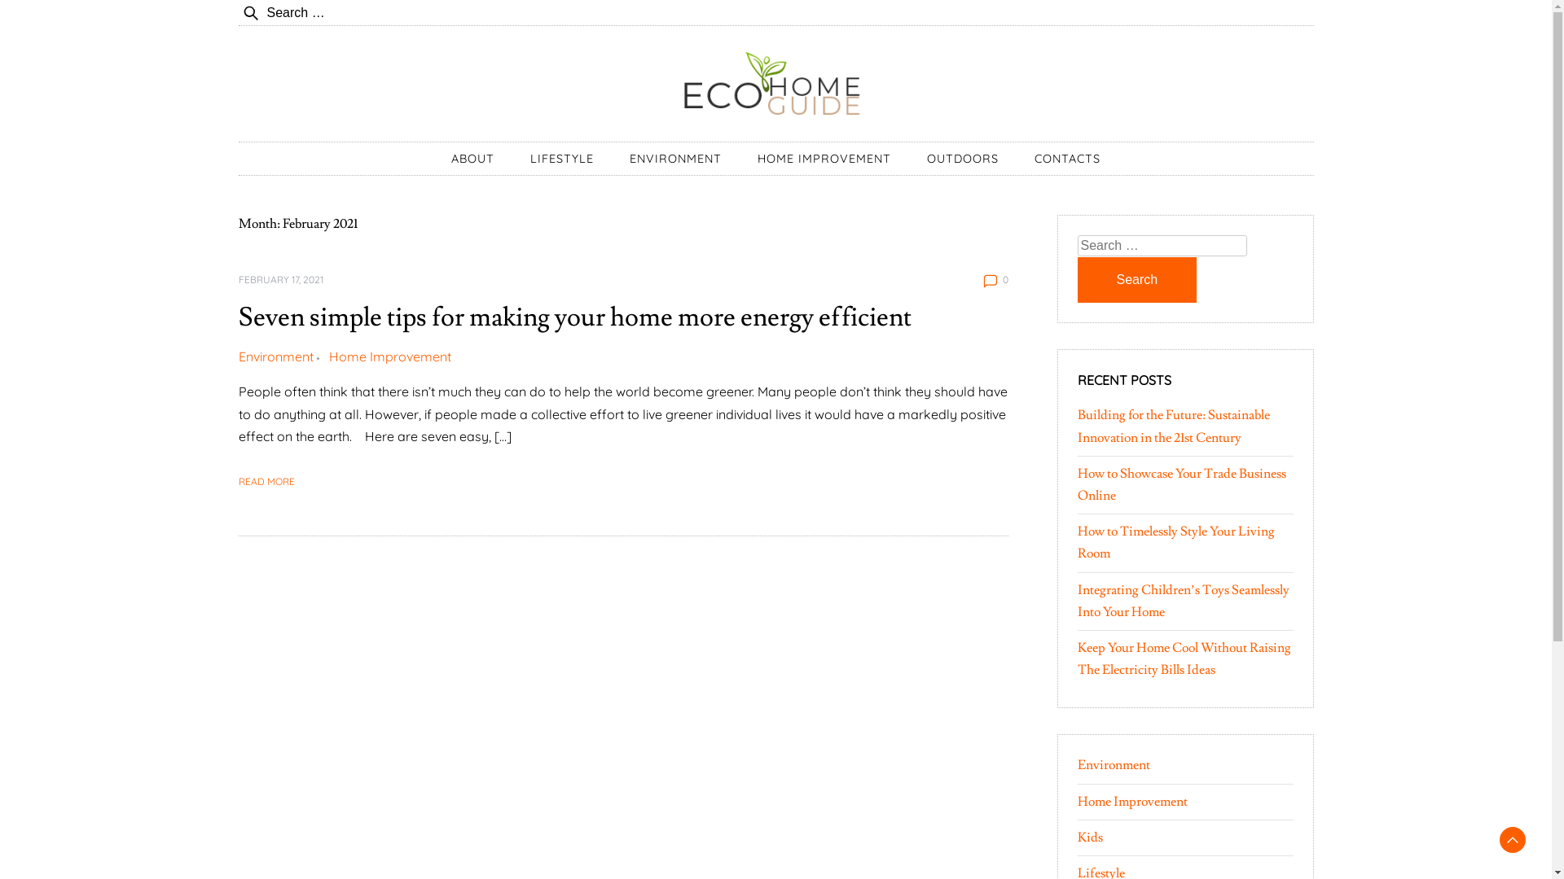 Image resolution: width=1564 pixels, height=879 pixels. What do you see at coordinates (280, 278) in the screenshot?
I see `'FEBRUARY 17, 2021'` at bounding box center [280, 278].